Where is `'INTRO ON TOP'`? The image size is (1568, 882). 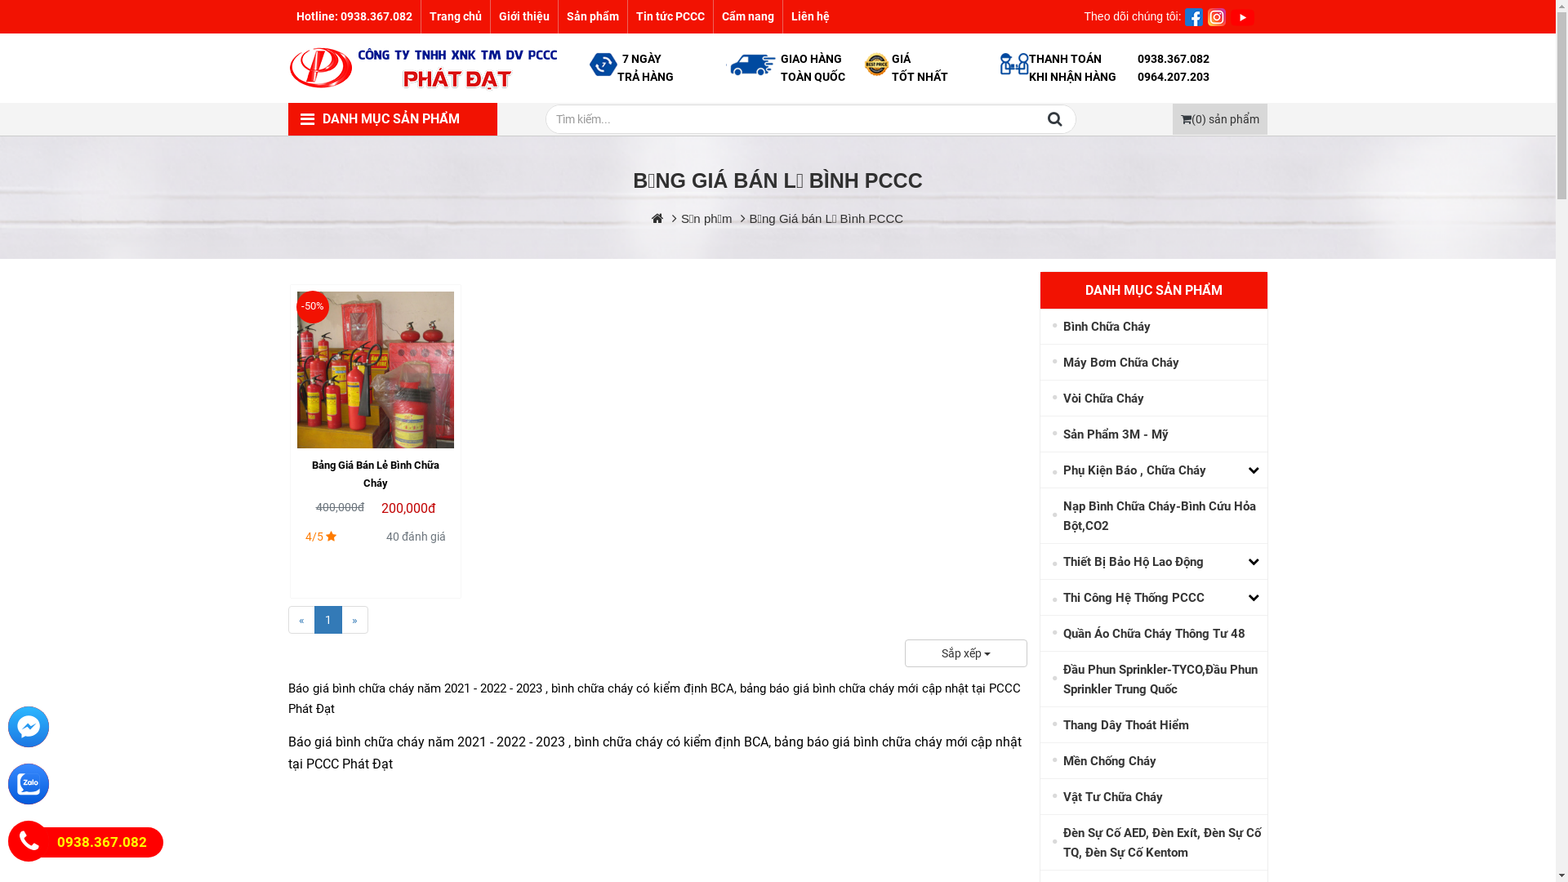
'INTRO ON TOP' is located at coordinates (1192, 16).